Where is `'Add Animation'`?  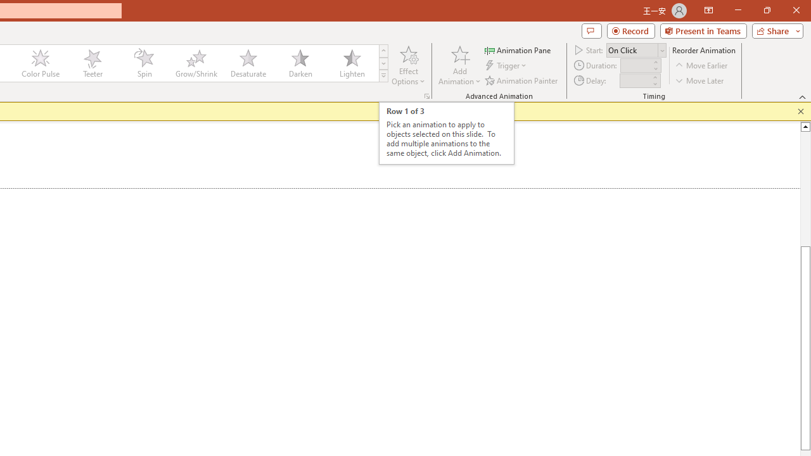 'Add Animation' is located at coordinates (459, 65).